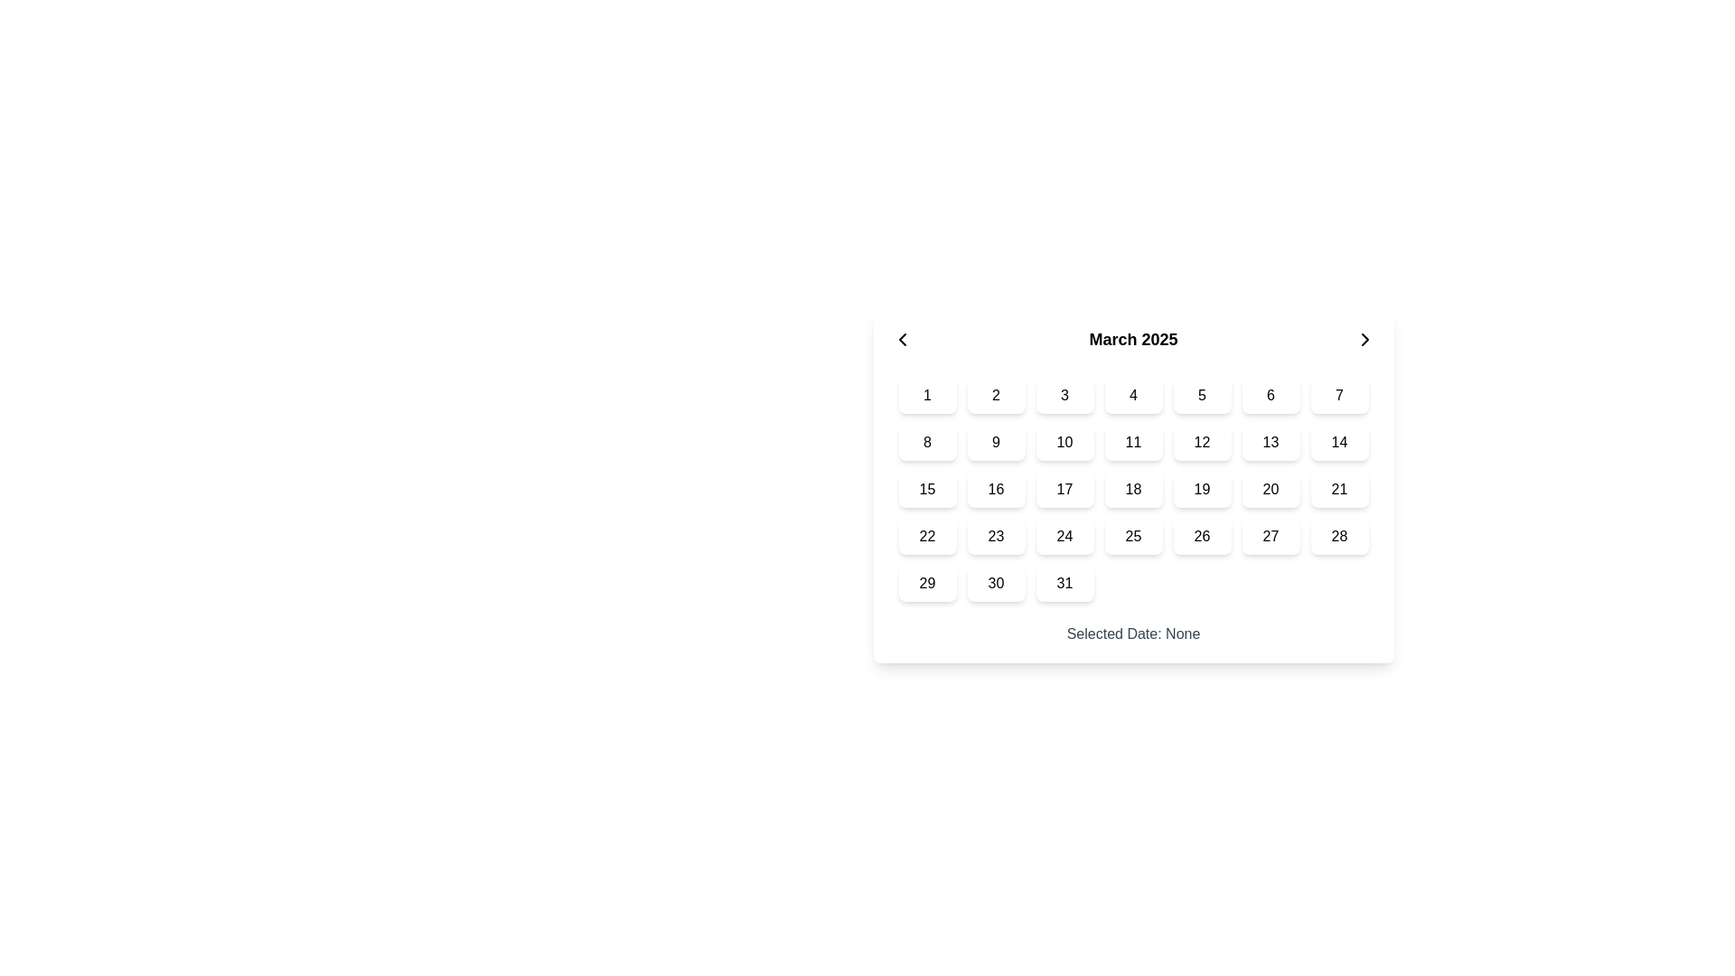  I want to click on the button displaying the number '26' in the calendar grid for accessibility purposes, so click(1202, 536).